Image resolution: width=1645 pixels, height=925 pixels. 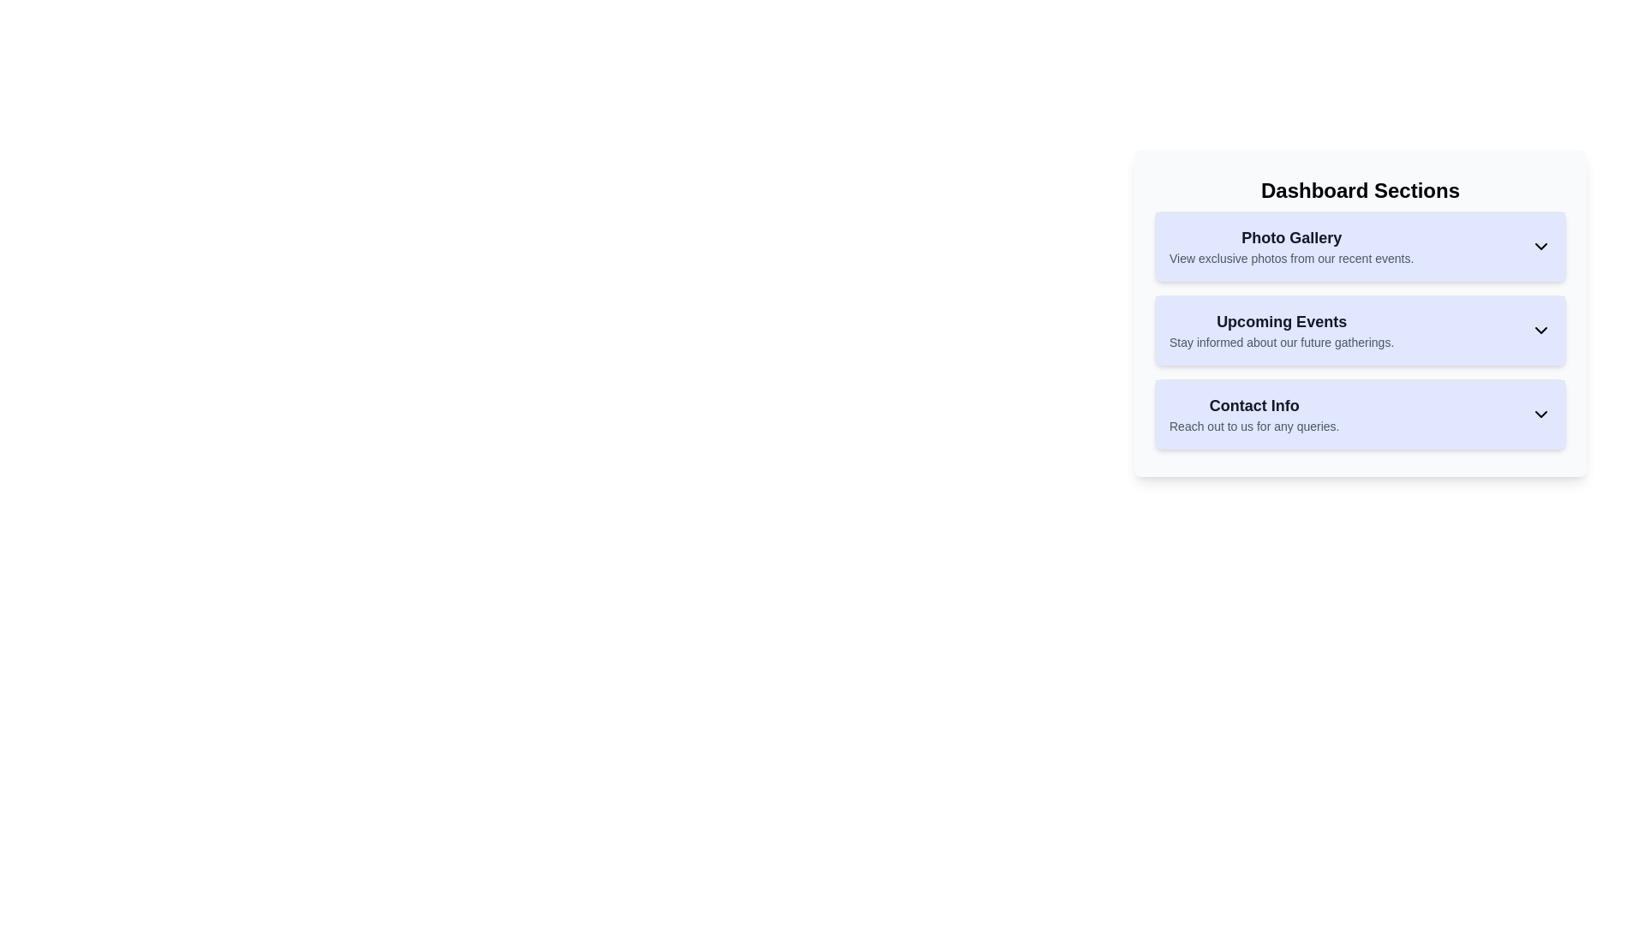 I want to click on the third Text element in the 'Dashboard Sections' card that provides contact details or options, so click(x=1254, y=414).